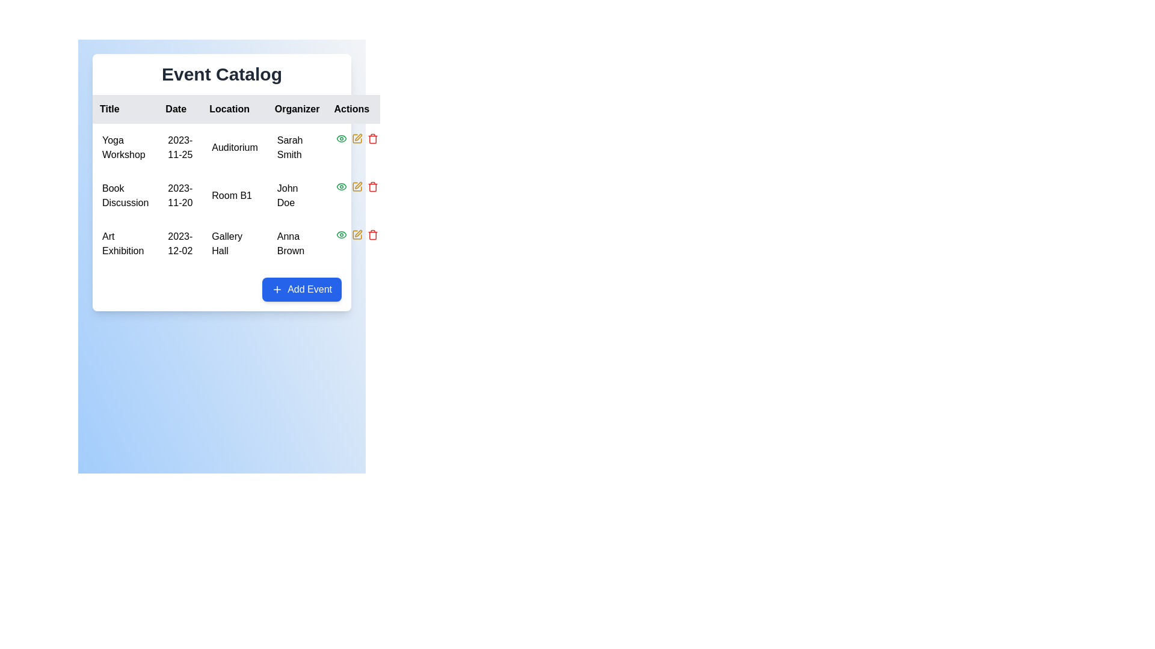  What do you see at coordinates (357, 187) in the screenshot?
I see `the yellow pencil icon in the 'Actions' column of the 'Book Discussion' row to initiate editing the event` at bounding box center [357, 187].